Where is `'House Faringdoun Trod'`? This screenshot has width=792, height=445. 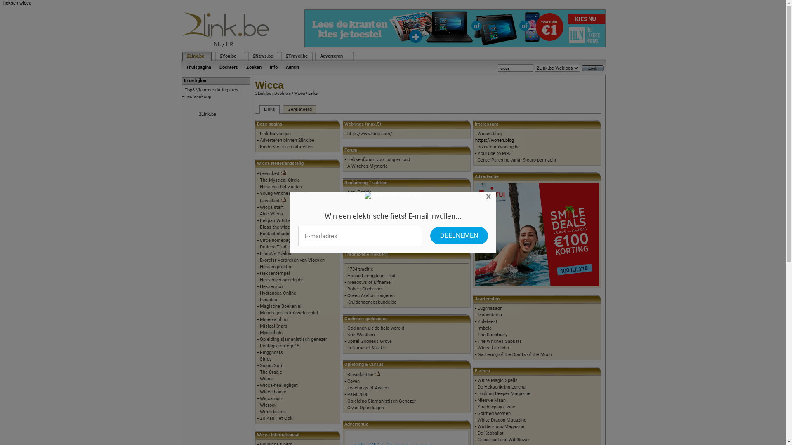
'House Faringdoun Trod' is located at coordinates (371, 276).